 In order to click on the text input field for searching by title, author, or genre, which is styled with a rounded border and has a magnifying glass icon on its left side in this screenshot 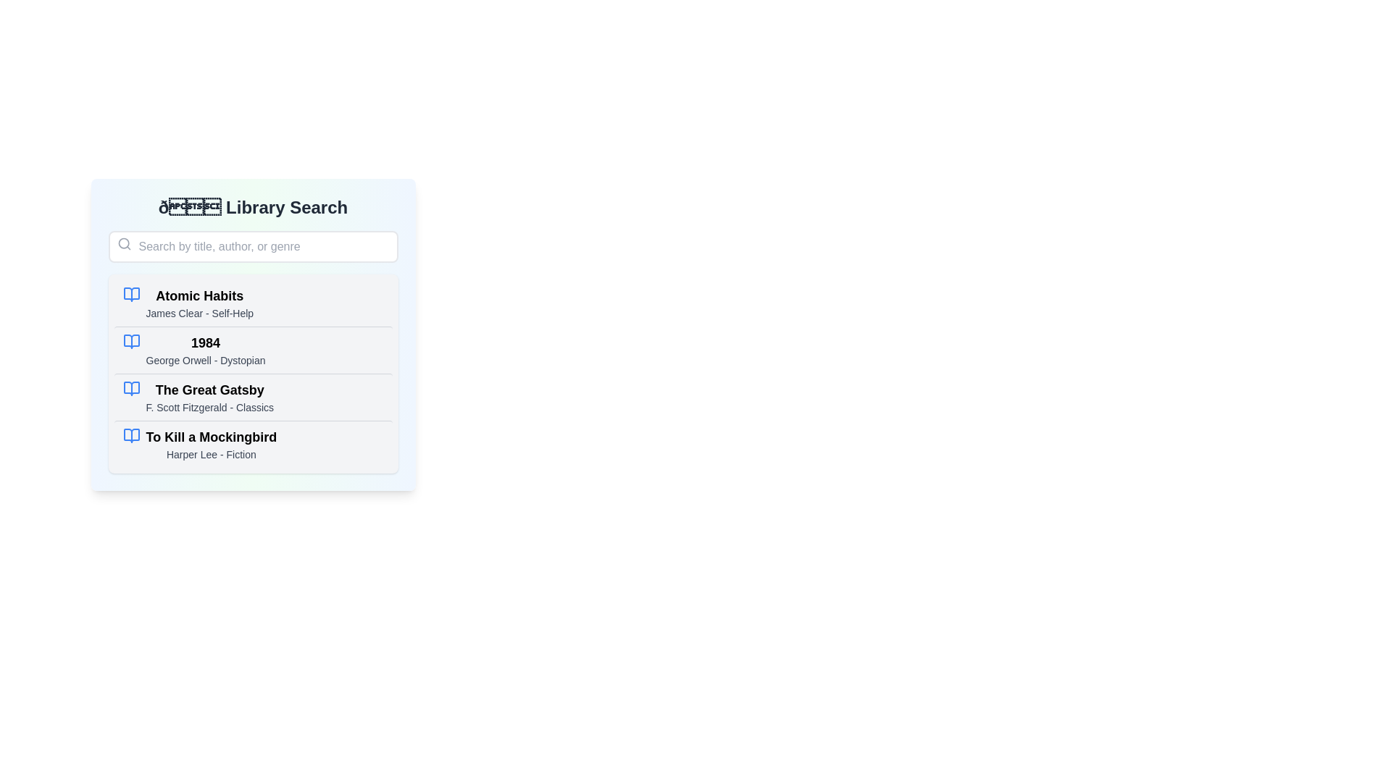, I will do `click(253, 245)`.